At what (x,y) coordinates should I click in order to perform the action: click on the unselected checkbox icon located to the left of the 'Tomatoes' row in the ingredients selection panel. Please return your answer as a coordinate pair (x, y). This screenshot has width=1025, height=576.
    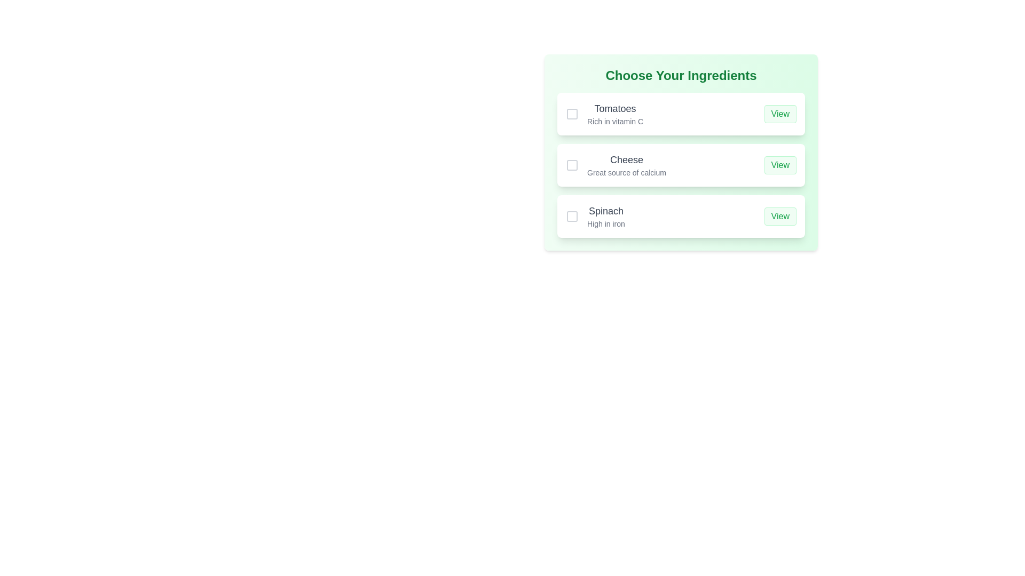
    Looking at the image, I should click on (571, 114).